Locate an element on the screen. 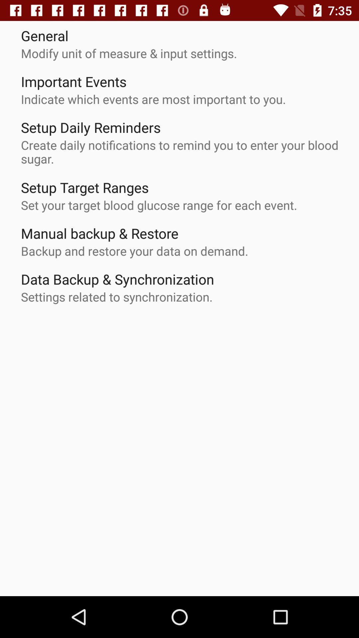 The height and width of the screenshot is (638, 359). the app below data backup & synchronization item is located at coordinates (116, 296).